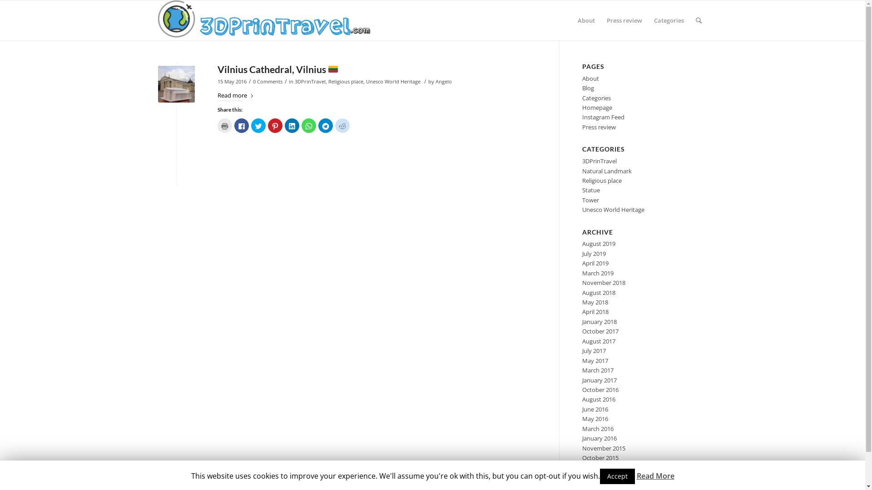  What do you see at coordinates (251, 126) in the screenshot?
I see `'Click to share on Twitter (Opens in new window)'` at bounding box center [251, 126].